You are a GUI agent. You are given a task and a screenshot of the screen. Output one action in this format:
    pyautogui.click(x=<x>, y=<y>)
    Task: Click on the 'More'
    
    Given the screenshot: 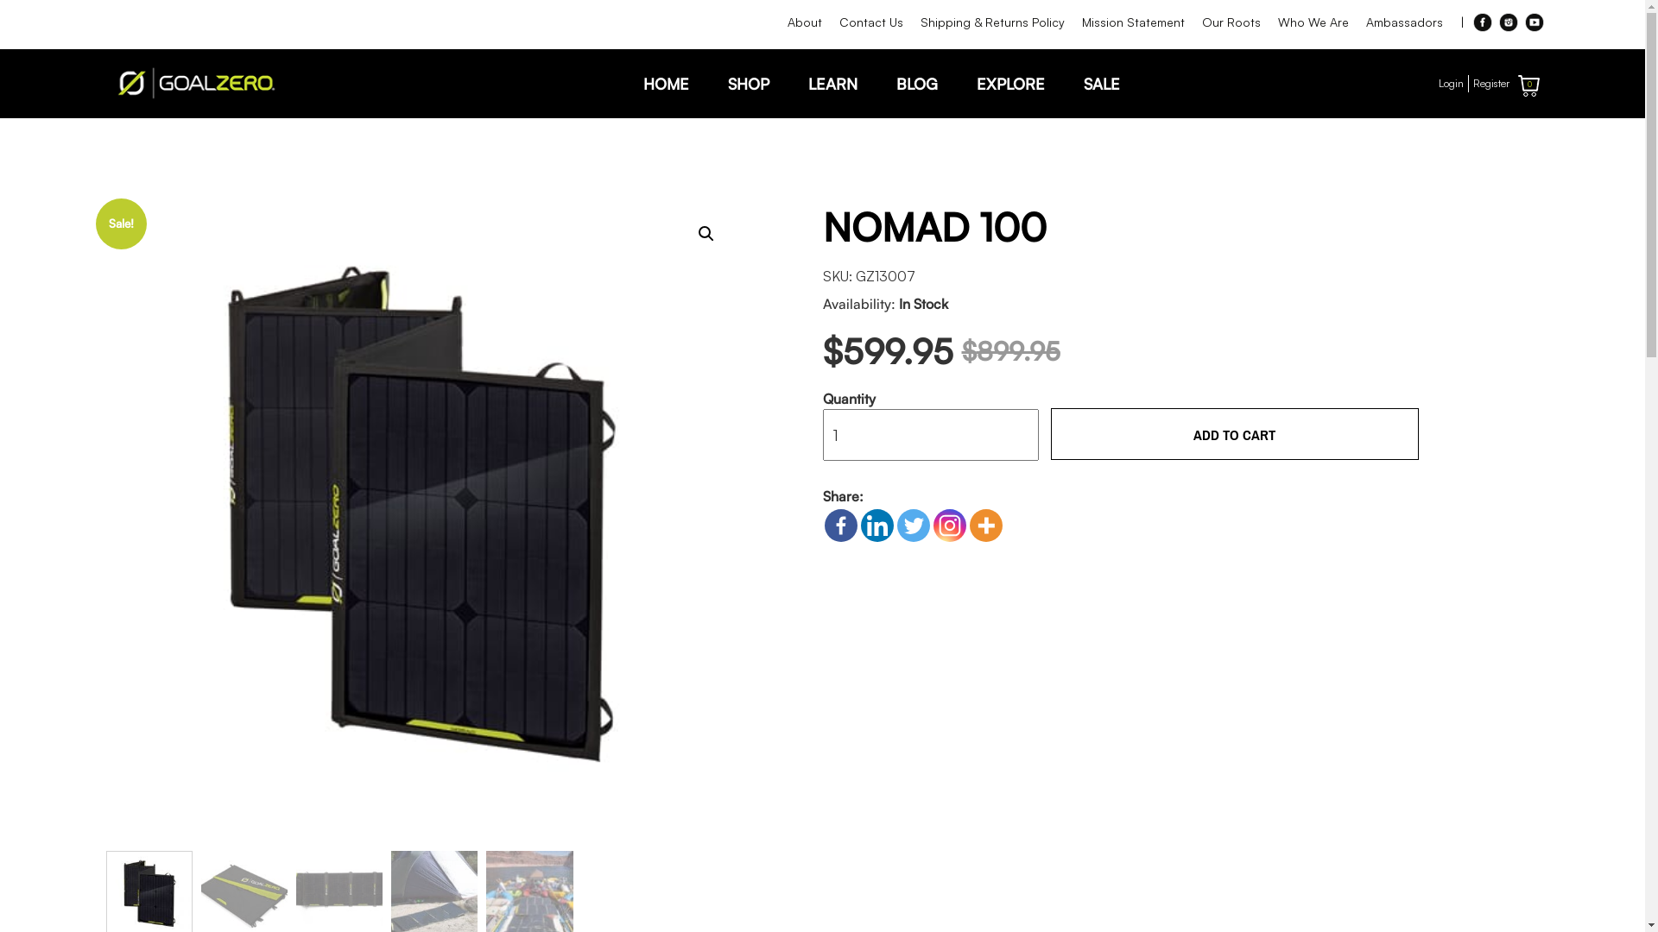 What is the action you would take?
    pyautogui.click(x=985, y=525)
    